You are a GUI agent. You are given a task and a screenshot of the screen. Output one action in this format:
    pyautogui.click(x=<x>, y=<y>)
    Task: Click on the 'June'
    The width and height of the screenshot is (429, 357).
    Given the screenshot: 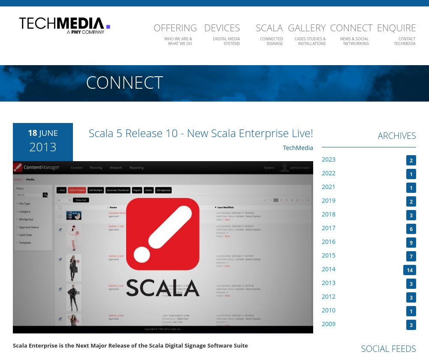 What is the action you would take?
    pyautogui.click(x=39, y=132)
    